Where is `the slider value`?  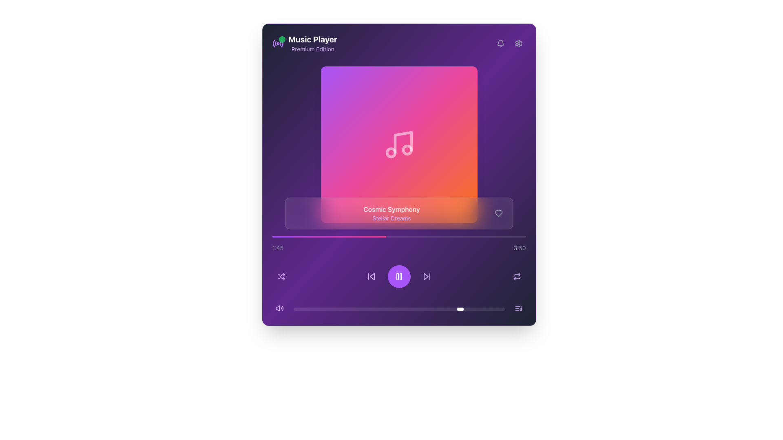
the slider value is located at coordinates (390, 309).